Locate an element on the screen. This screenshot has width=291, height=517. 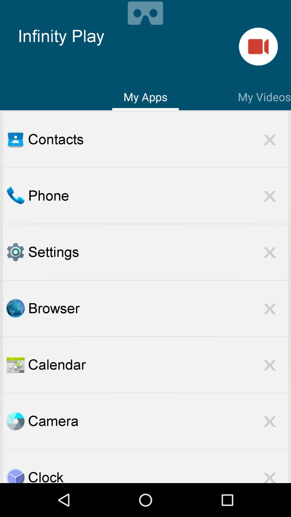
the settings item is located at coordinates (158, 252).